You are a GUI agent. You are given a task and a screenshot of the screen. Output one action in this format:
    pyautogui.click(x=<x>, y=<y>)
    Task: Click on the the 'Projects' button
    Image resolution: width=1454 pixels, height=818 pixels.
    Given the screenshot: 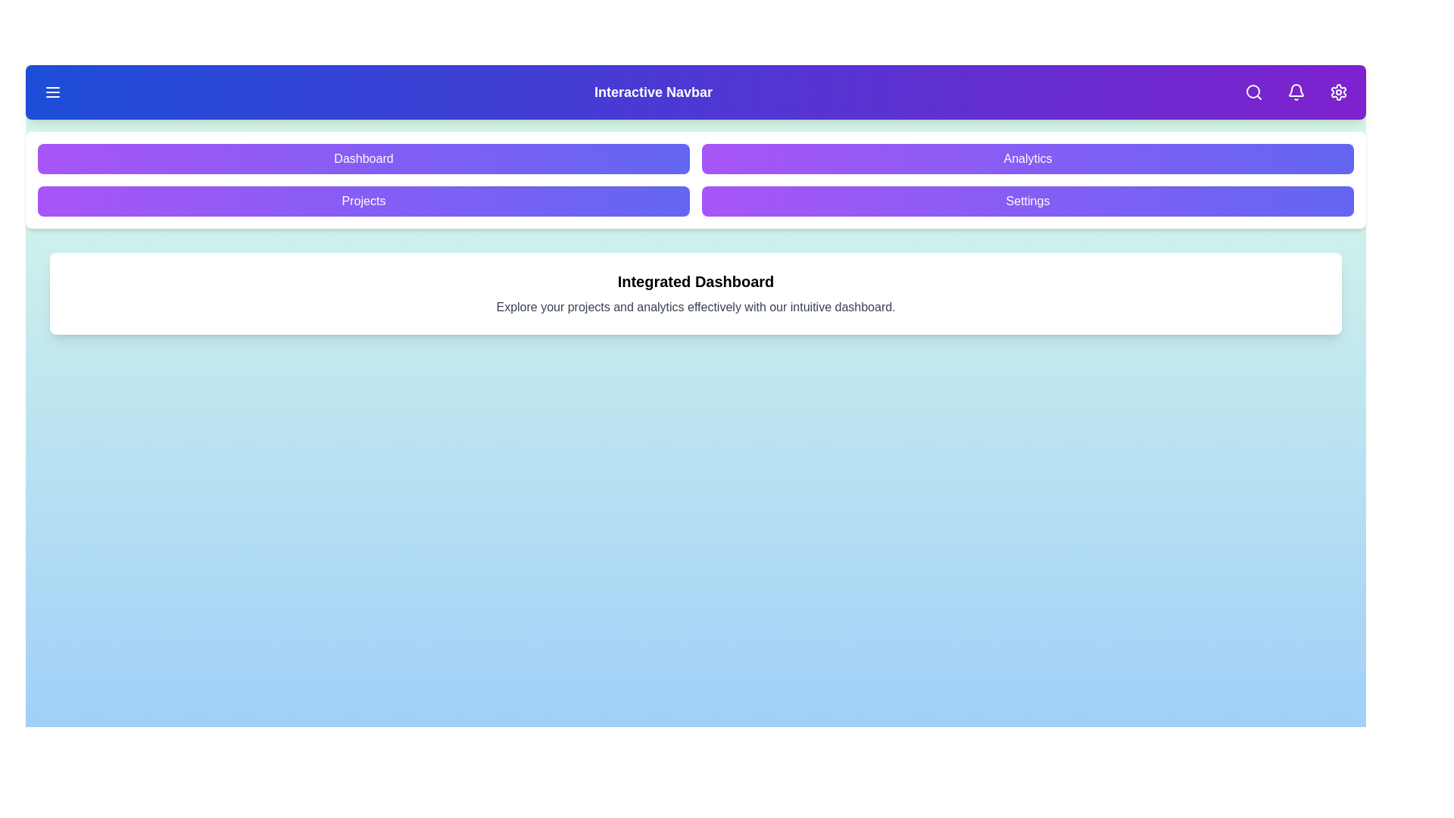 What is the action you would take?
    pyautogui.click(x=363, y=201)
    